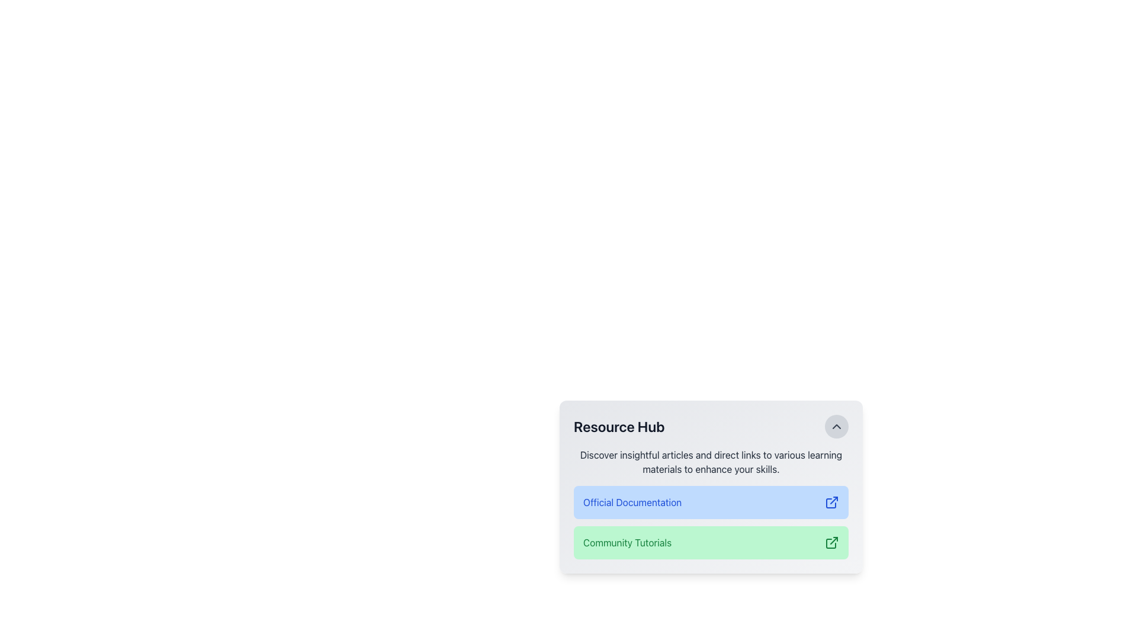 The height and width of the screenshot is (640, 1137). What do you see at coordinates (836, 427) in the screenshot?
I see `the collapse/expand button located at the top-right corner of the 'Resource Hub' panel` at bounding box center [836, 427].